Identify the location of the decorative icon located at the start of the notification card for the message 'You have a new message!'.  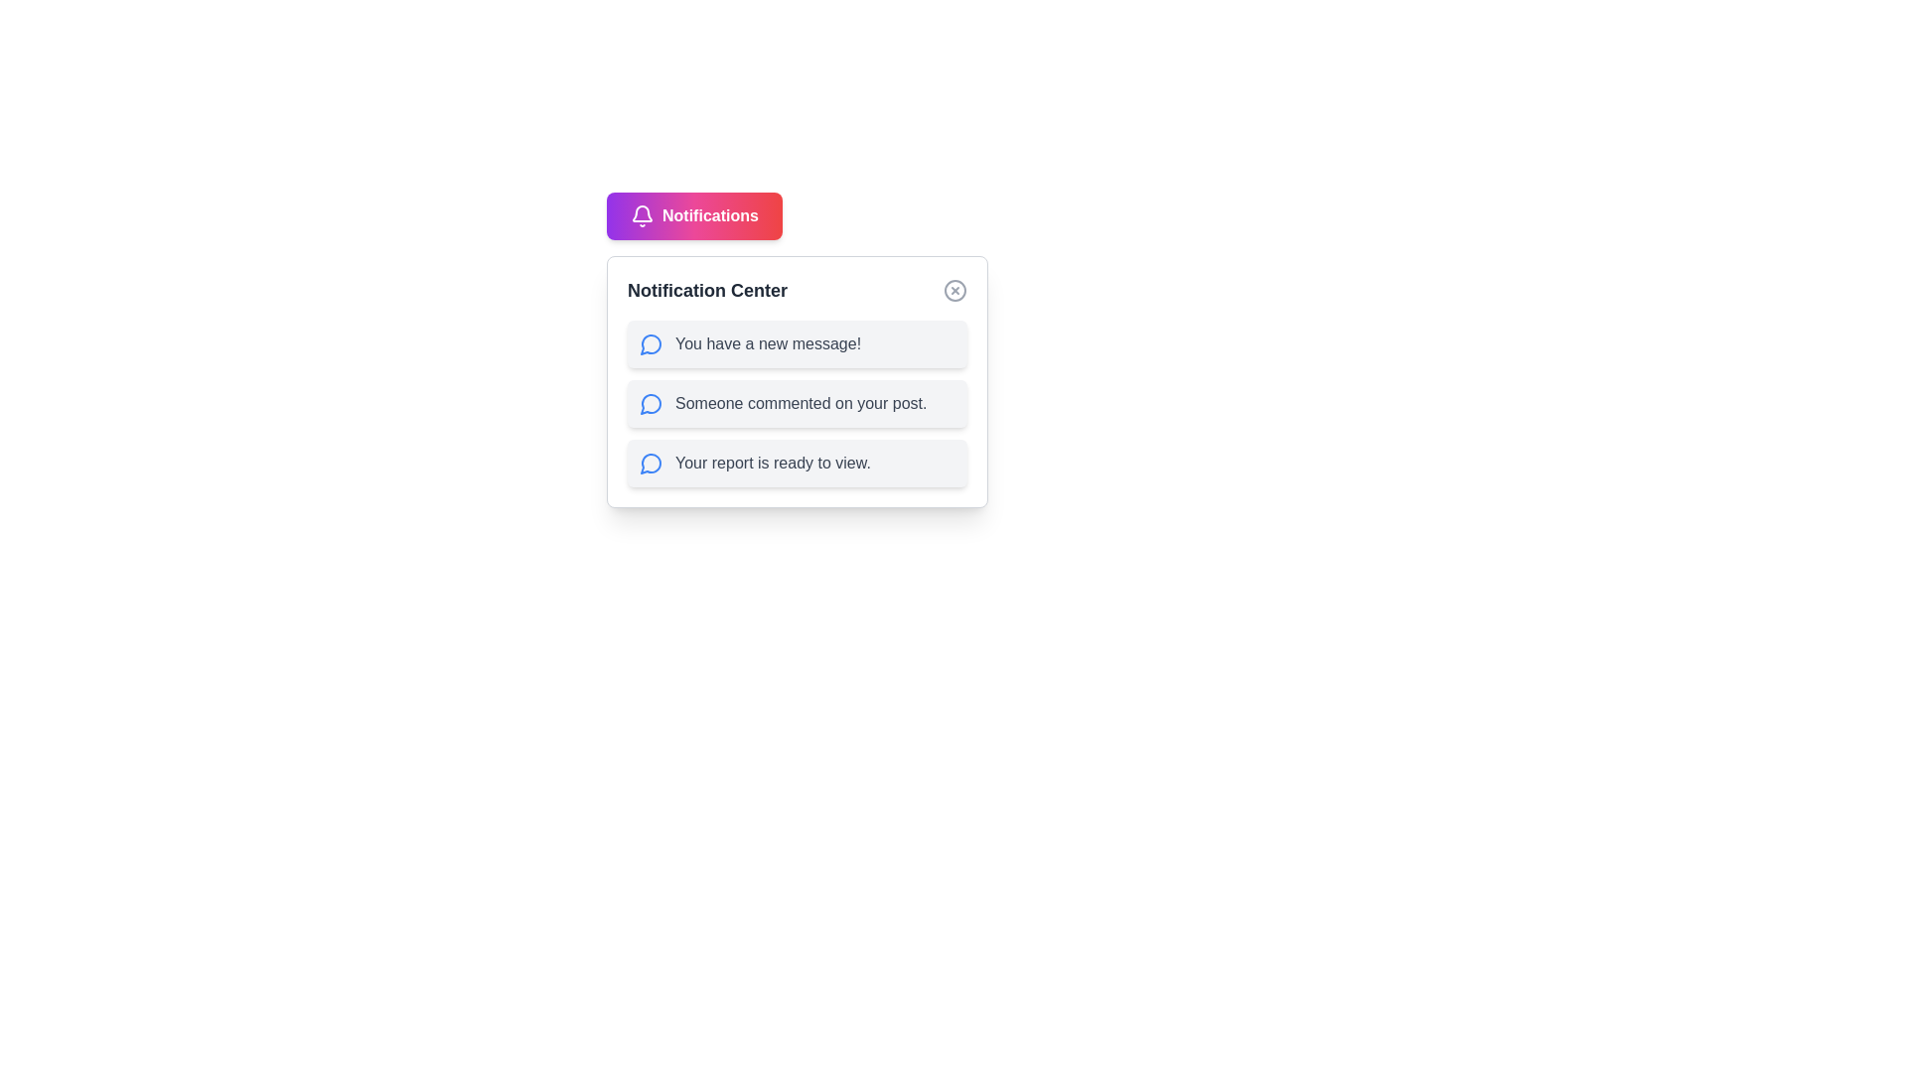
(652, 343).